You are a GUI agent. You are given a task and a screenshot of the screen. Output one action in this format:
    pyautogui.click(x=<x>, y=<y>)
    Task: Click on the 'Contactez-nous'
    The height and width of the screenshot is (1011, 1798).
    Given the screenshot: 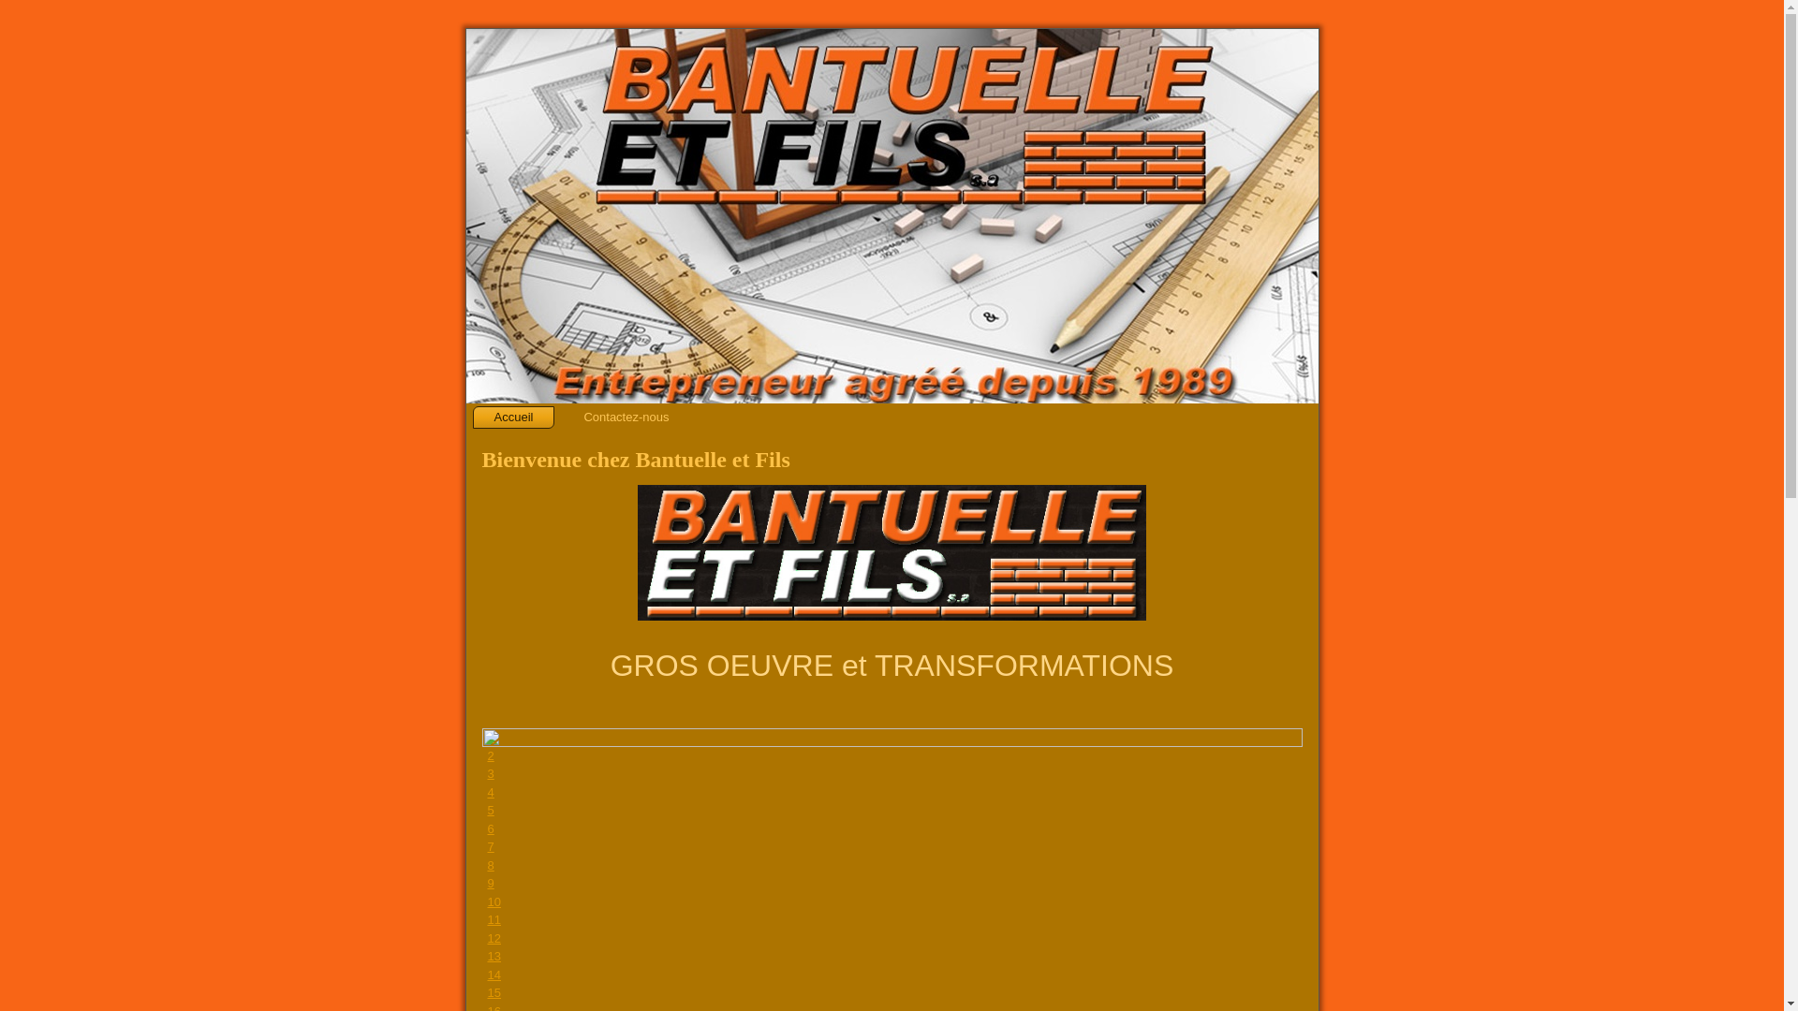 What is the action you would take?
    pyautogui.click(x=626, y=417)
    